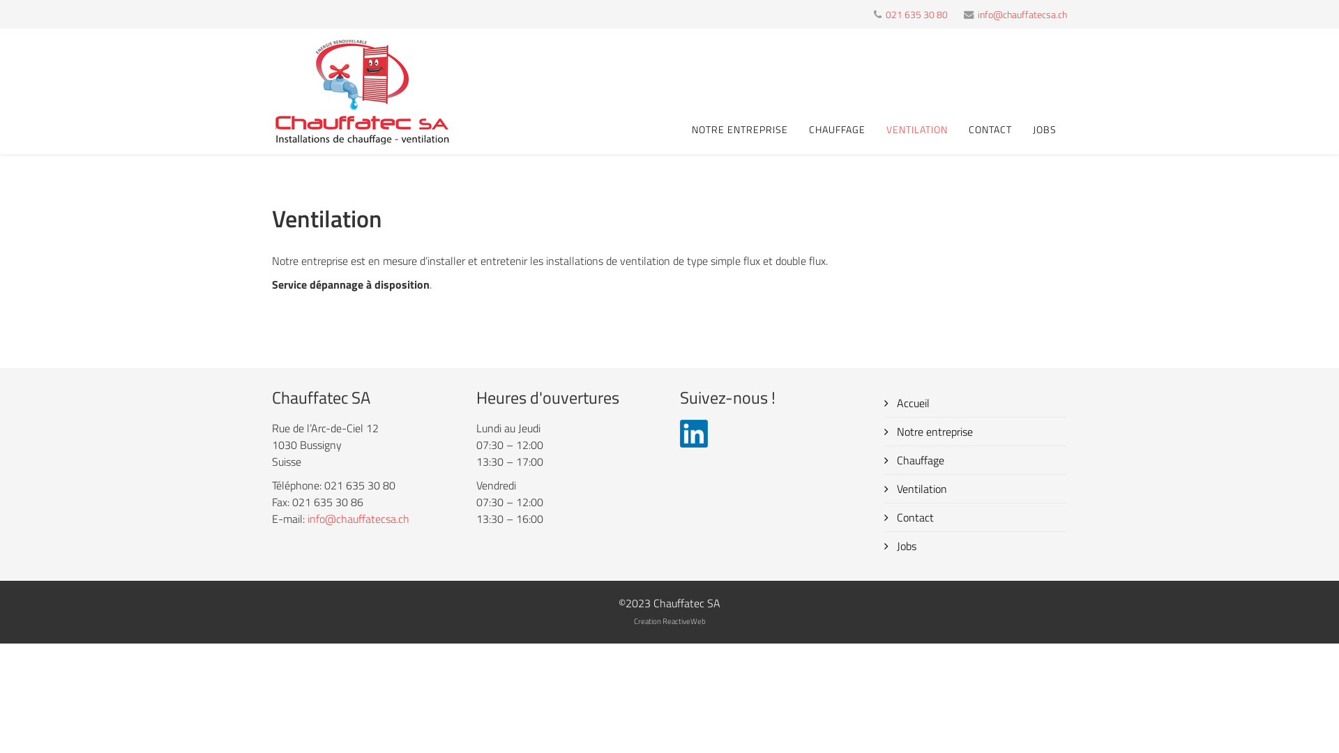  Describe the element at coordinates (885, 14) in the screenshot. I see `'021 635 30 80'` at that location.